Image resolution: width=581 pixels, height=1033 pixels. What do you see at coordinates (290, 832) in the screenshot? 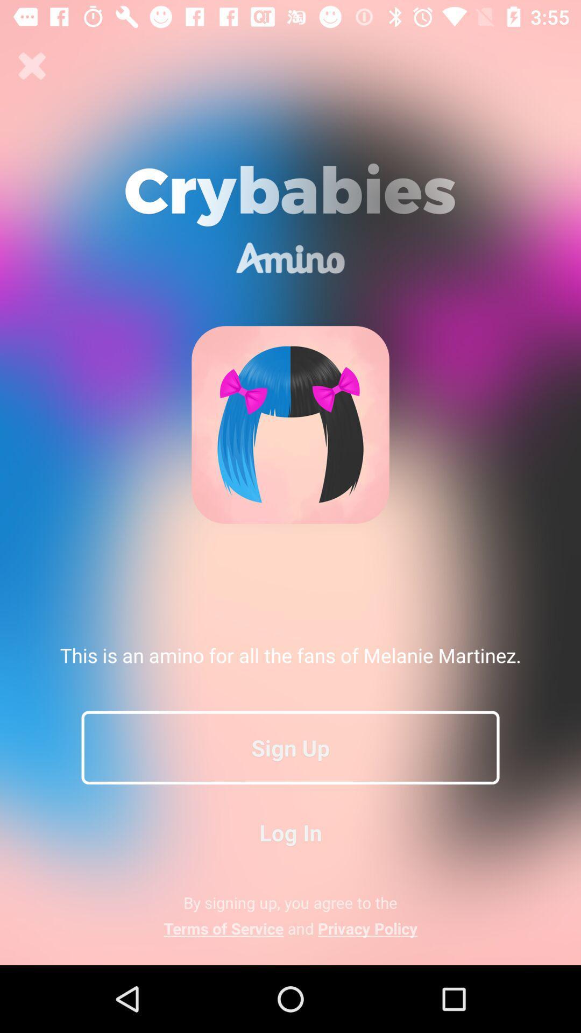
I see `log in item` at bounding box center [290, 832].